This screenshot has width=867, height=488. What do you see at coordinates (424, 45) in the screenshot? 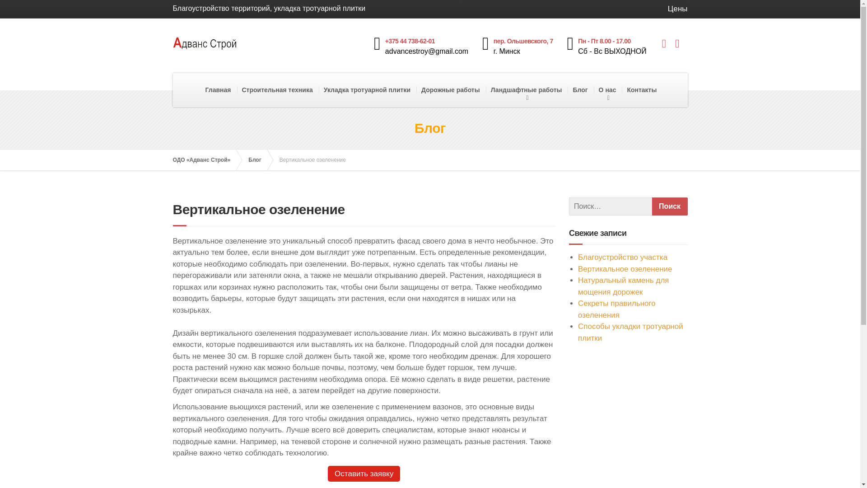
I see `'+375 44 738-62-01` at bounding box center [424, 45].